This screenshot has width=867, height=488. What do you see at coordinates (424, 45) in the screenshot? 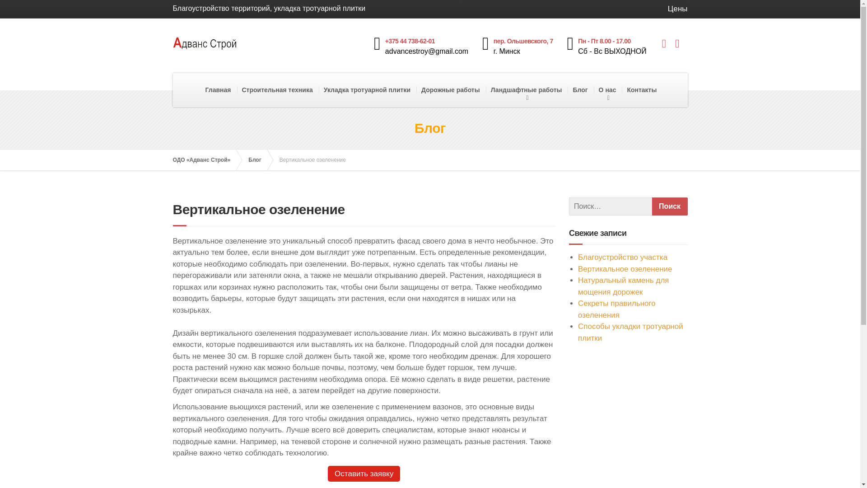
I see `'+375 44 738-62-01` at bounding box center [424, 45].